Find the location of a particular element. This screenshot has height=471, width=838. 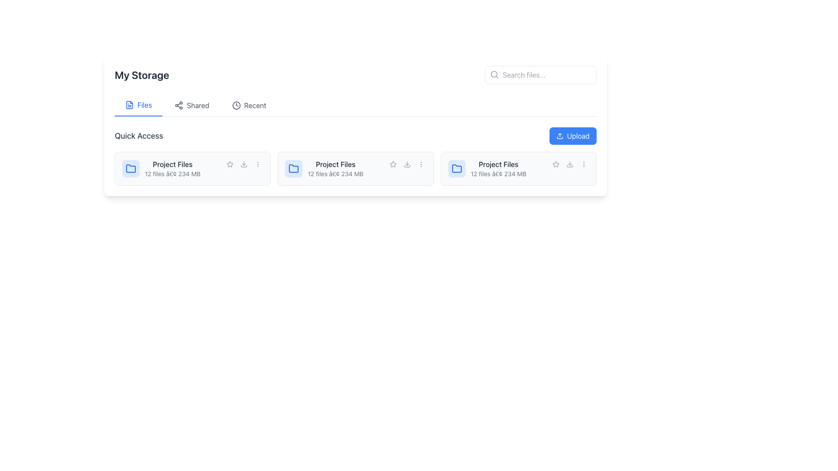

the clock icon located in the upper navigation bar of the 'My Storage' interface, directly to the left of the 'Recent' label is located at coordinates (236, 105).